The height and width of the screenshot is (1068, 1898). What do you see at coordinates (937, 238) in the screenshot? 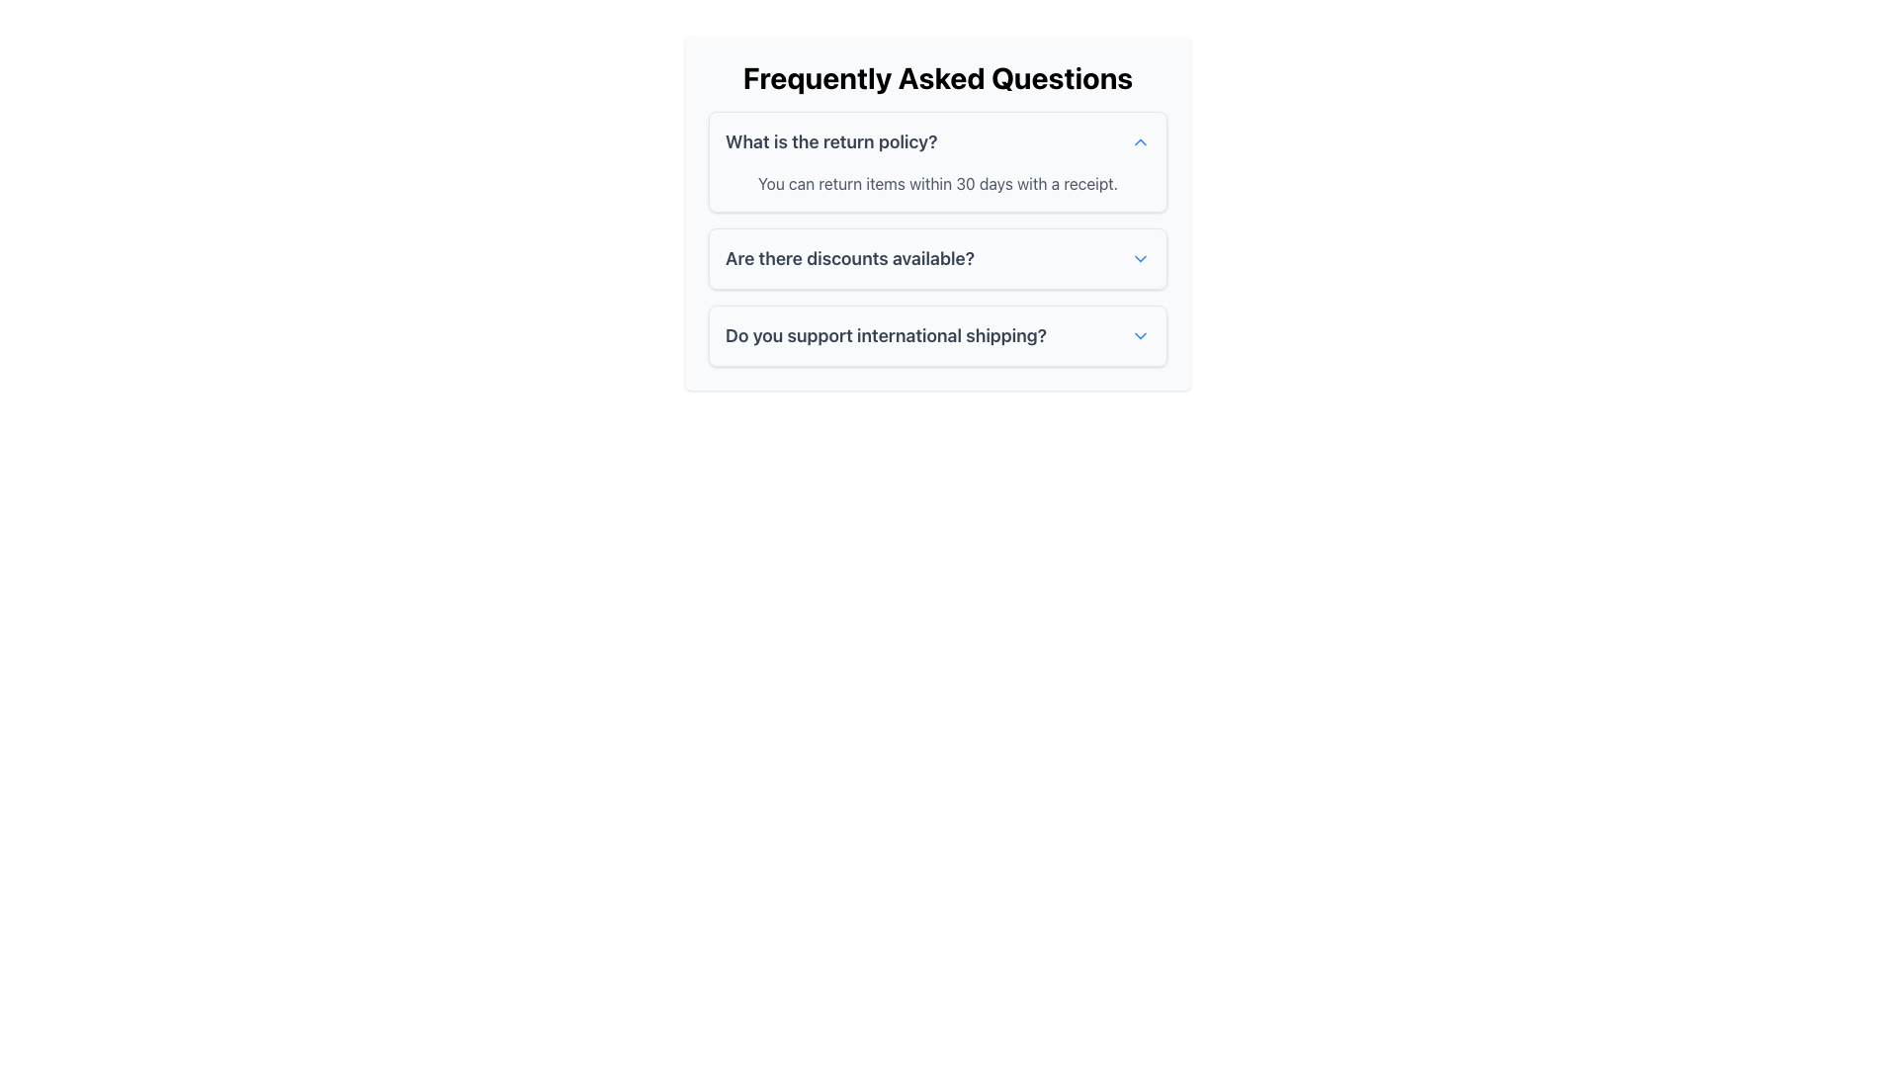
I see `the second collapsible FAQ item located below 'What is the return policy?'` at bounding box center [937, 238].